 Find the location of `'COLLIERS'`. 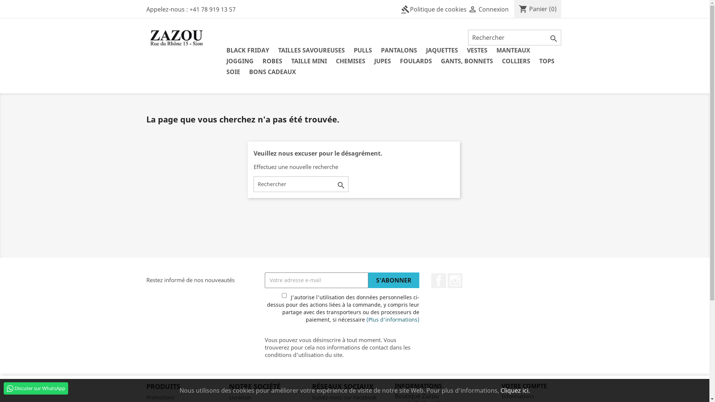

'COLLIERS' is located at coordinates (516, 61).